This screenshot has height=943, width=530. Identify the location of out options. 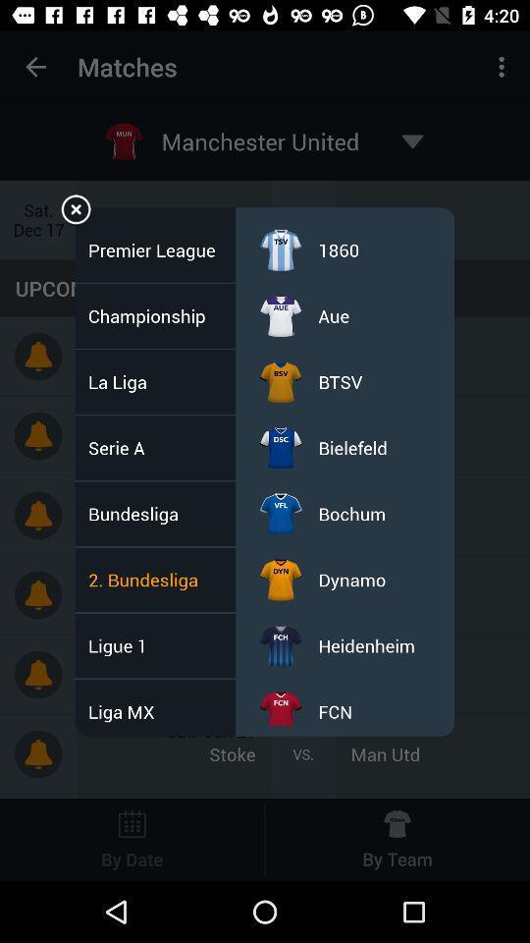
(75, 212).